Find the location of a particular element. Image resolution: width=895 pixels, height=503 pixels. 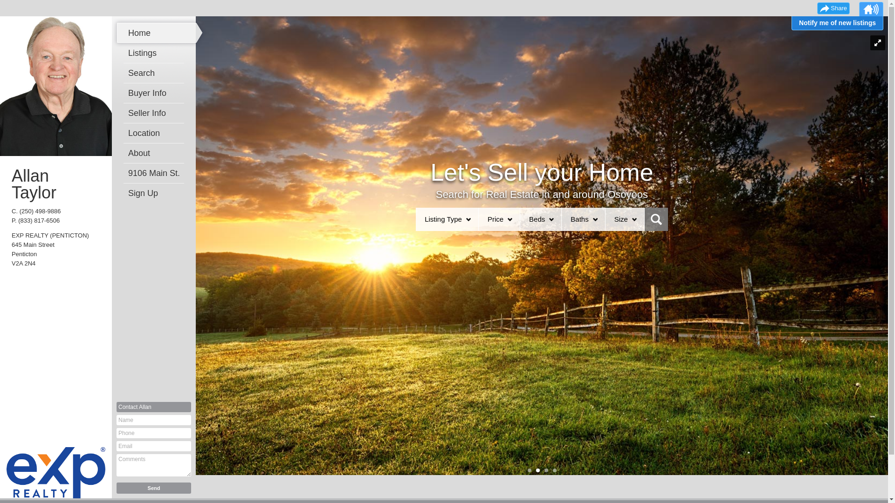

'Search' is located at coordinates (156, 73).